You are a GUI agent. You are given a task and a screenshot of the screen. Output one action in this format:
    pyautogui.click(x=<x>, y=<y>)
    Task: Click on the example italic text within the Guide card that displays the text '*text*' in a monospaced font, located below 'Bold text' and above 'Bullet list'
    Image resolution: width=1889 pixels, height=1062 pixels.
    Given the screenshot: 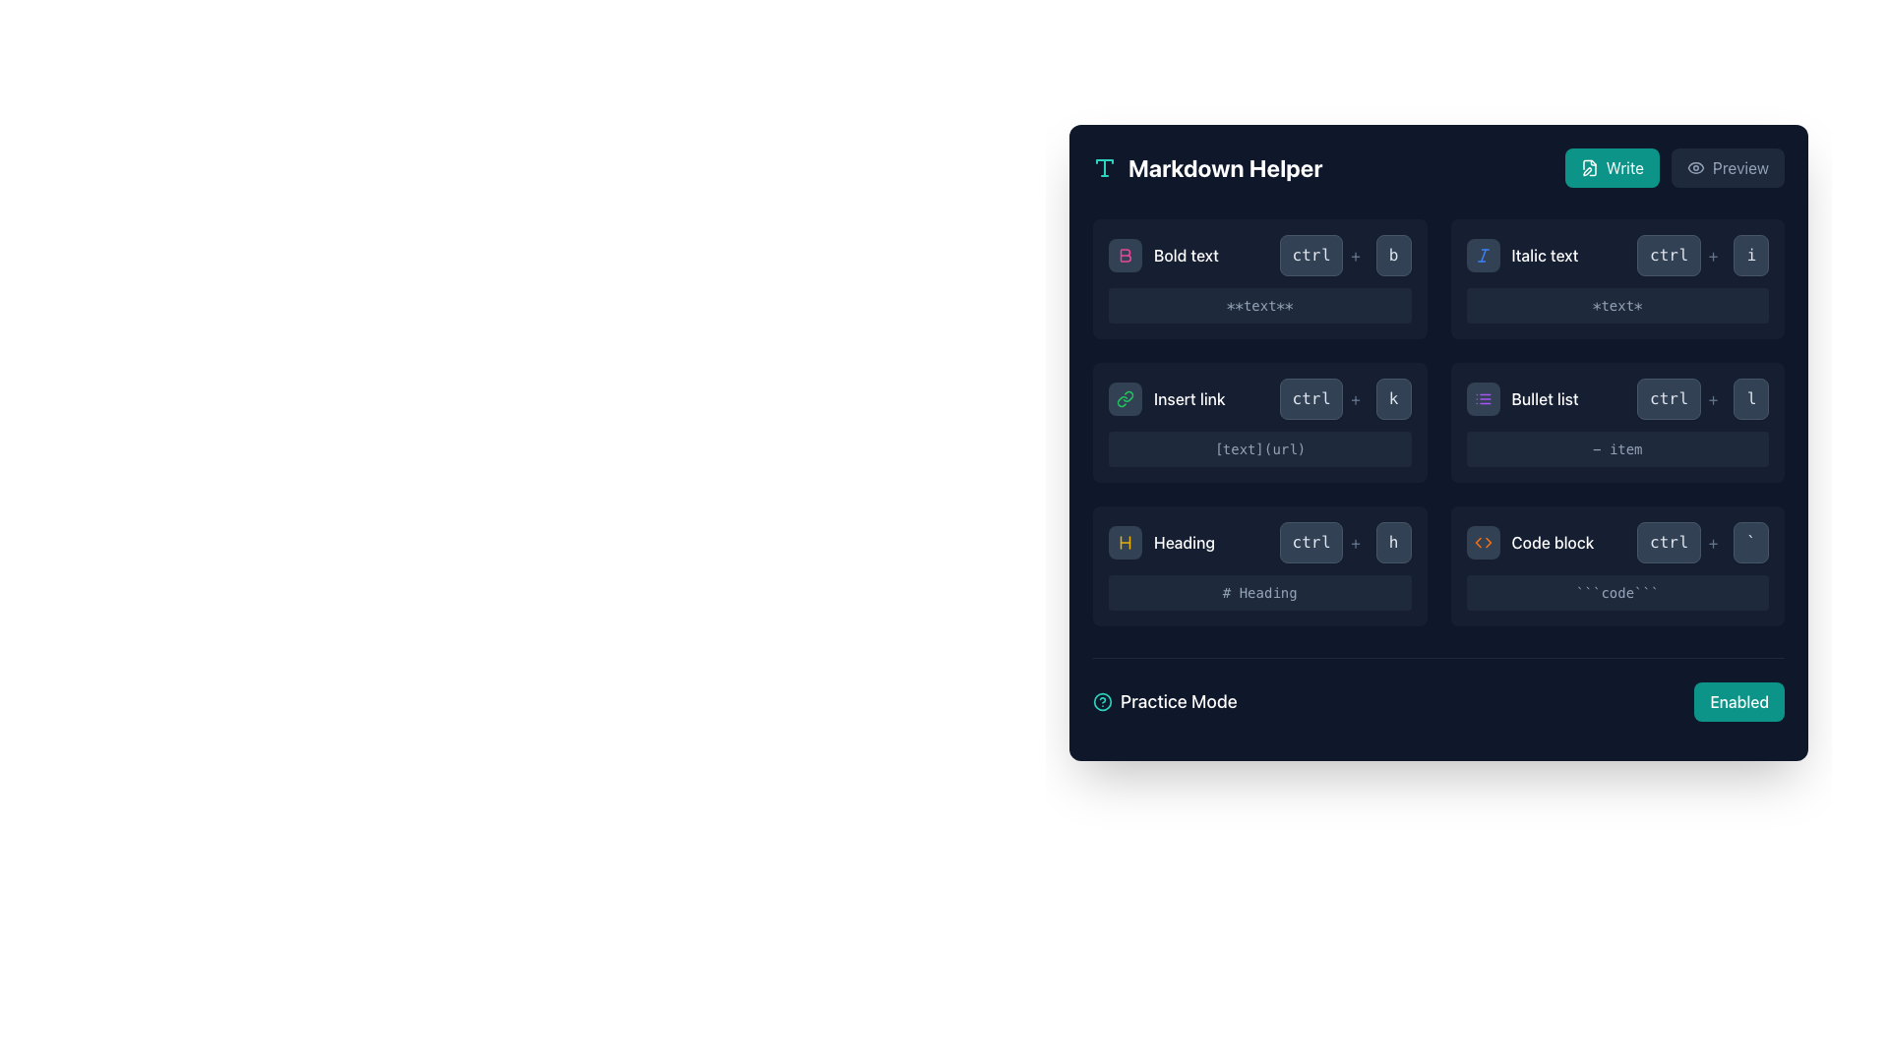 What is the action you would take?
    pyautogui.click(x=1617, y=279)
    